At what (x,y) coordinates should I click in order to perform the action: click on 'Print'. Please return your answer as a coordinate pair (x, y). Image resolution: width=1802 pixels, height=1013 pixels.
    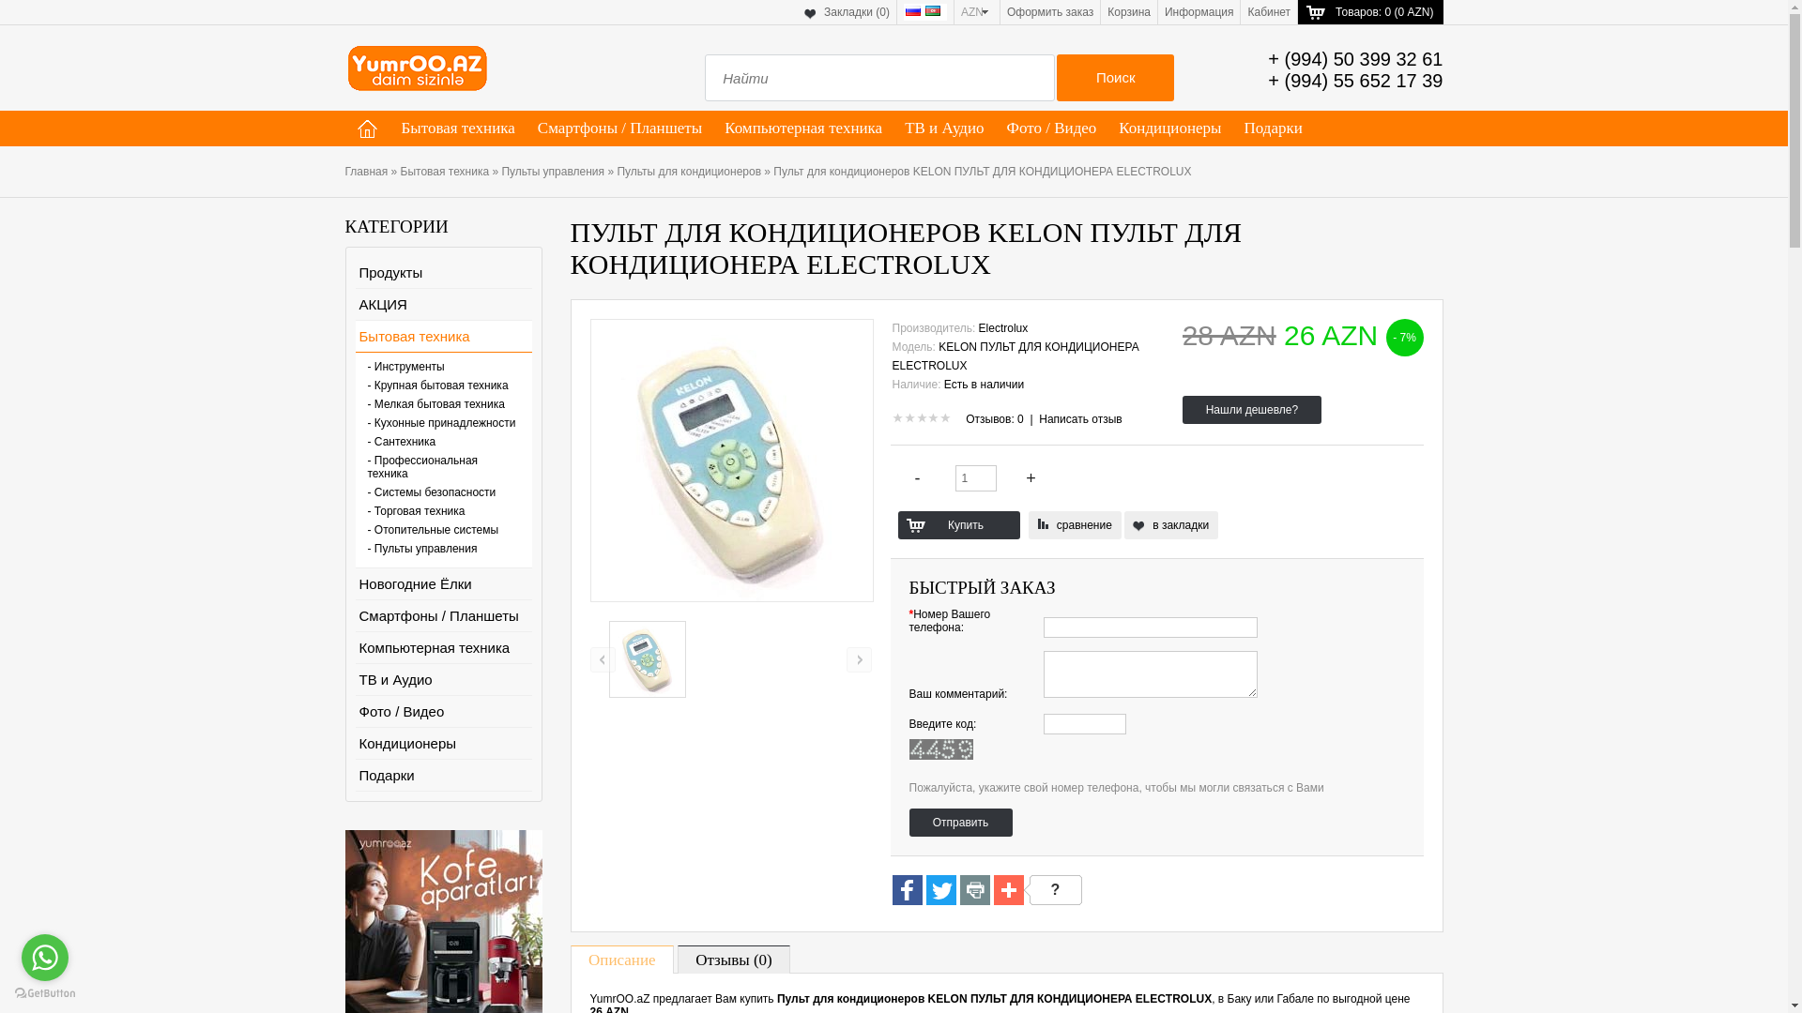
    Looking at the image, I should click on (973, 888).